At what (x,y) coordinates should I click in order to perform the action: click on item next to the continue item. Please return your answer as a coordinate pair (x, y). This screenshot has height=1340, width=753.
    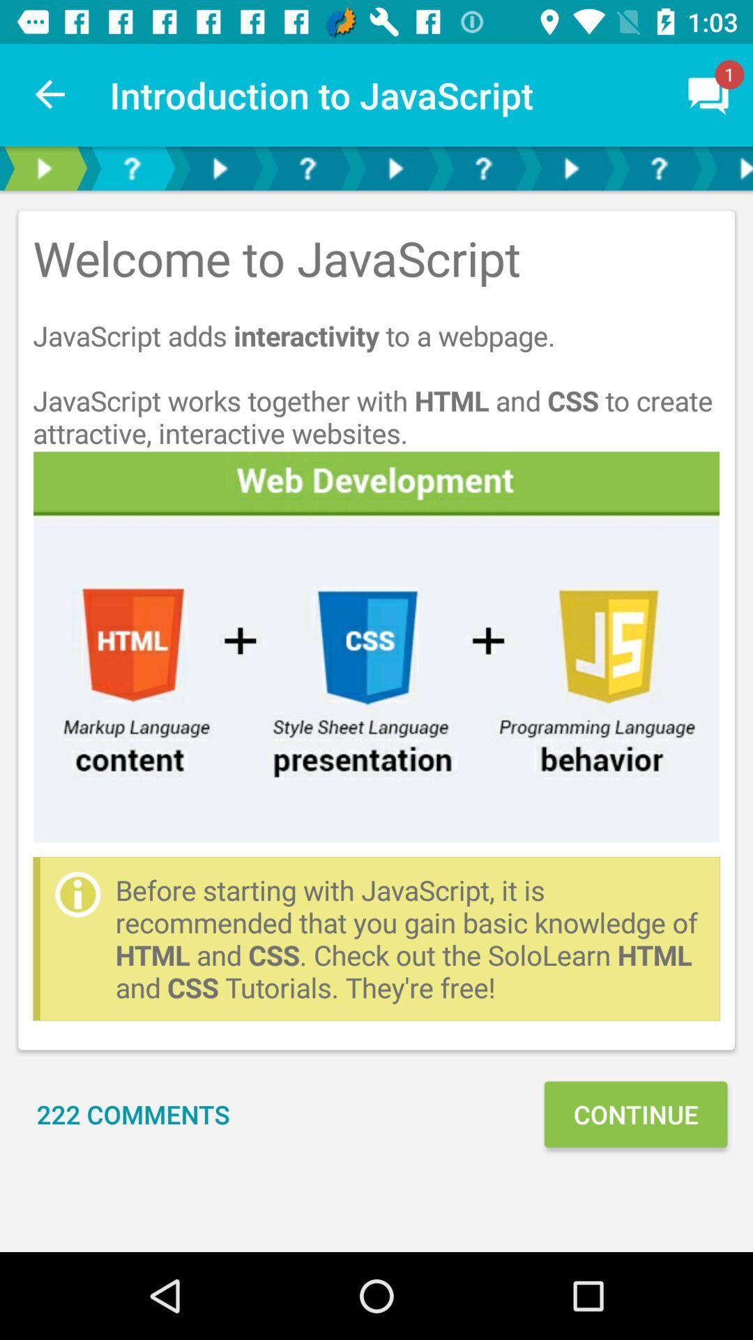
    Looking at the image, I should click on (133, 1113).